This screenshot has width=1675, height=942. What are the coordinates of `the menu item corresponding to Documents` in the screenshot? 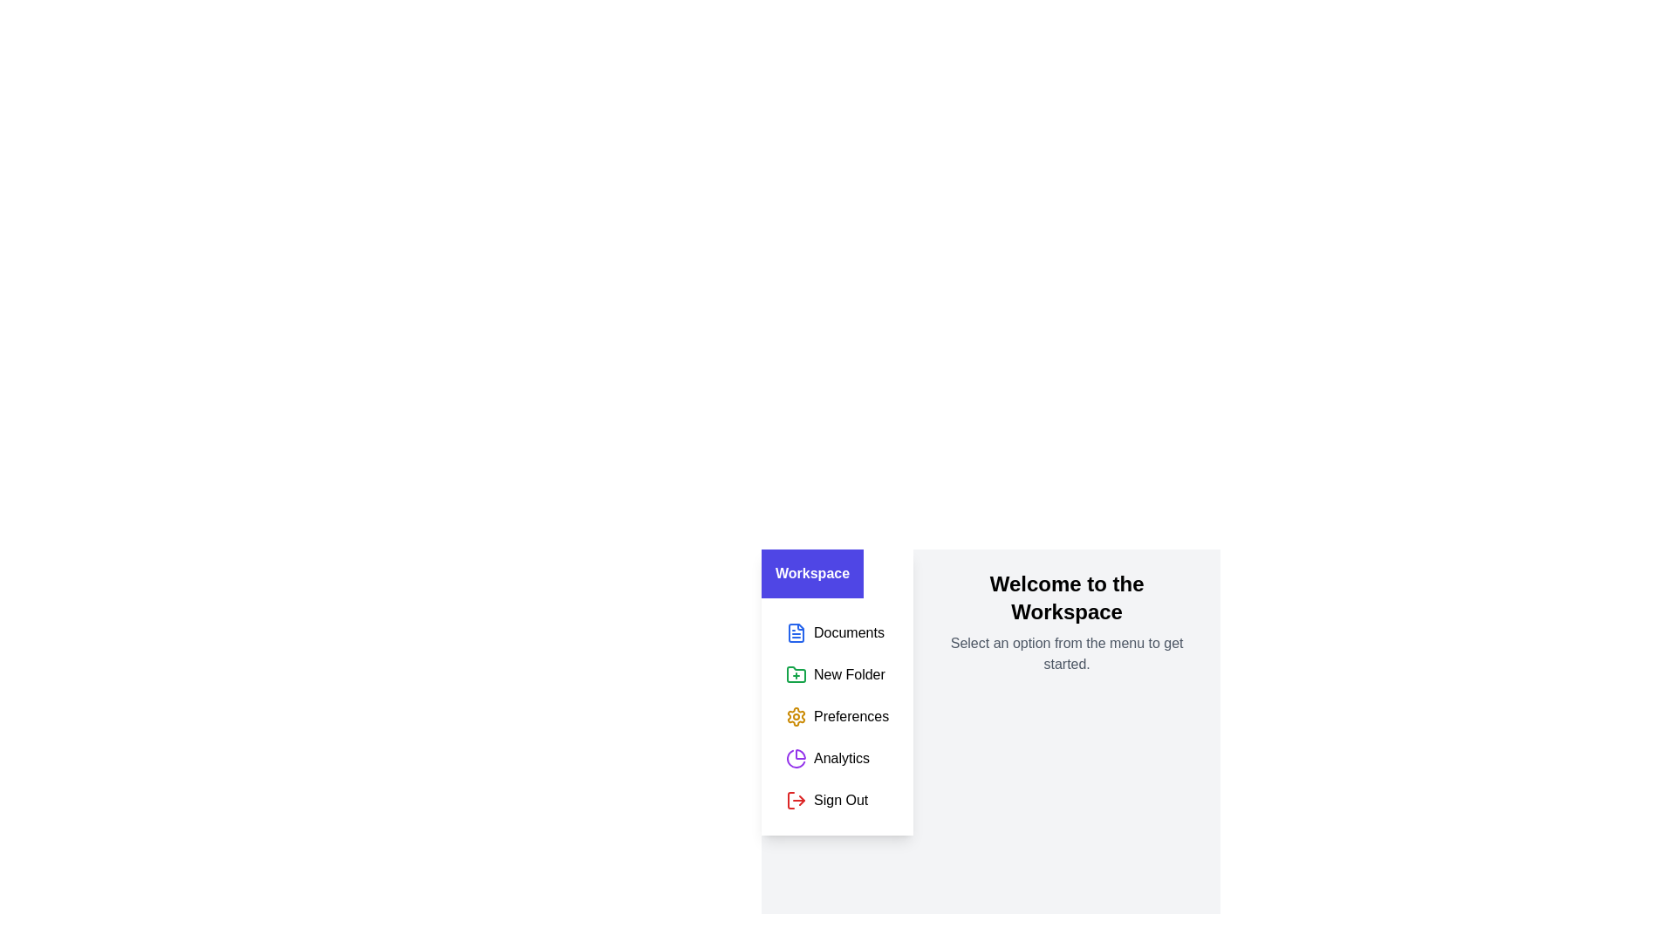 It's located at (837, 632).